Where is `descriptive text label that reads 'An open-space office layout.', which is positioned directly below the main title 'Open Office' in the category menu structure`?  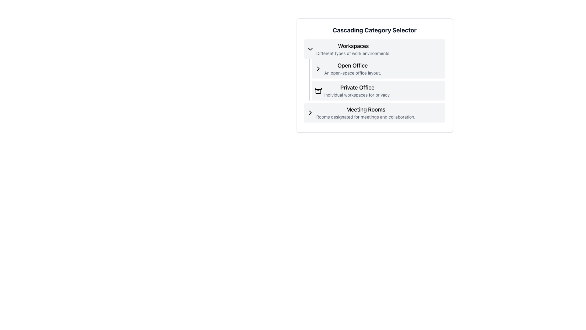 descriptive text label that reads 'An open-space office layout.', which is positioned directly below the main title 'Open Office' in the category menu structure is located at coordinates (353, 73).